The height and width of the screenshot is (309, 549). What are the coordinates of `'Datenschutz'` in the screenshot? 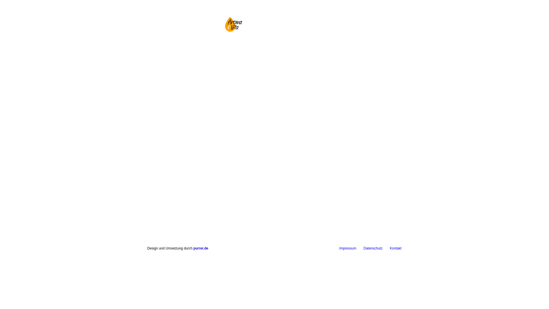 It's located at (373, 248).